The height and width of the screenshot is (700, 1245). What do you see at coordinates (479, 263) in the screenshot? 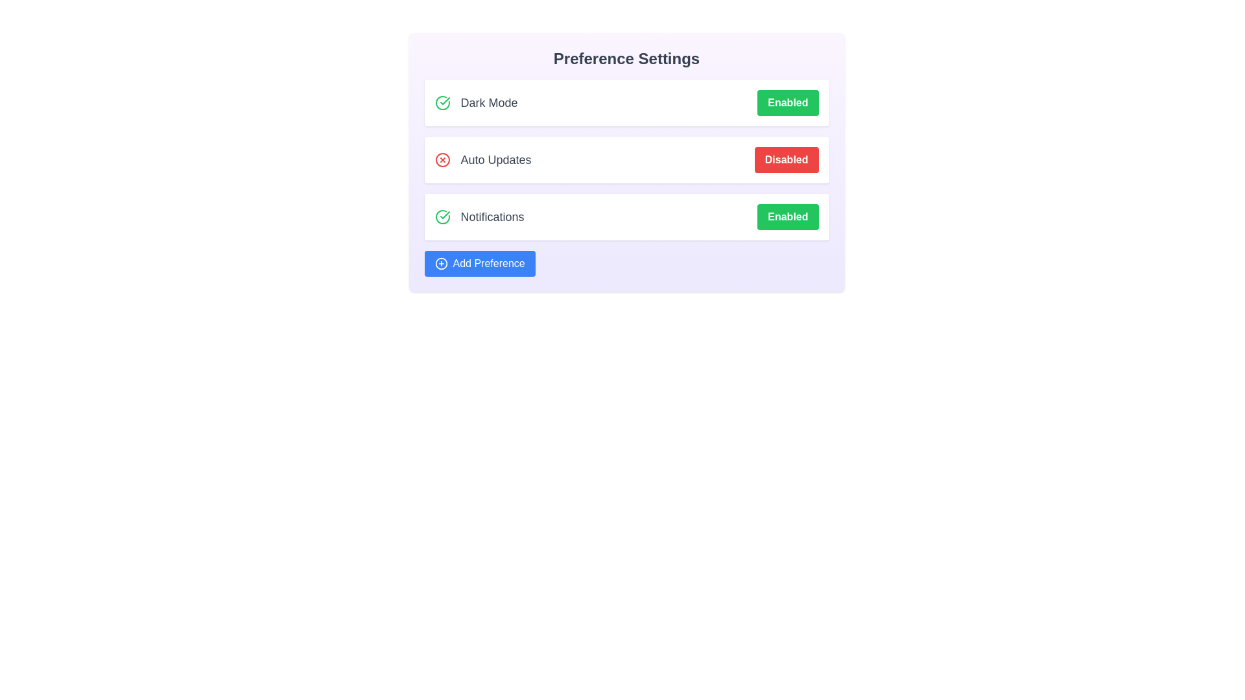
I see `the 'Add Preference' button to add a new preference` at bounding box center [479, 263].